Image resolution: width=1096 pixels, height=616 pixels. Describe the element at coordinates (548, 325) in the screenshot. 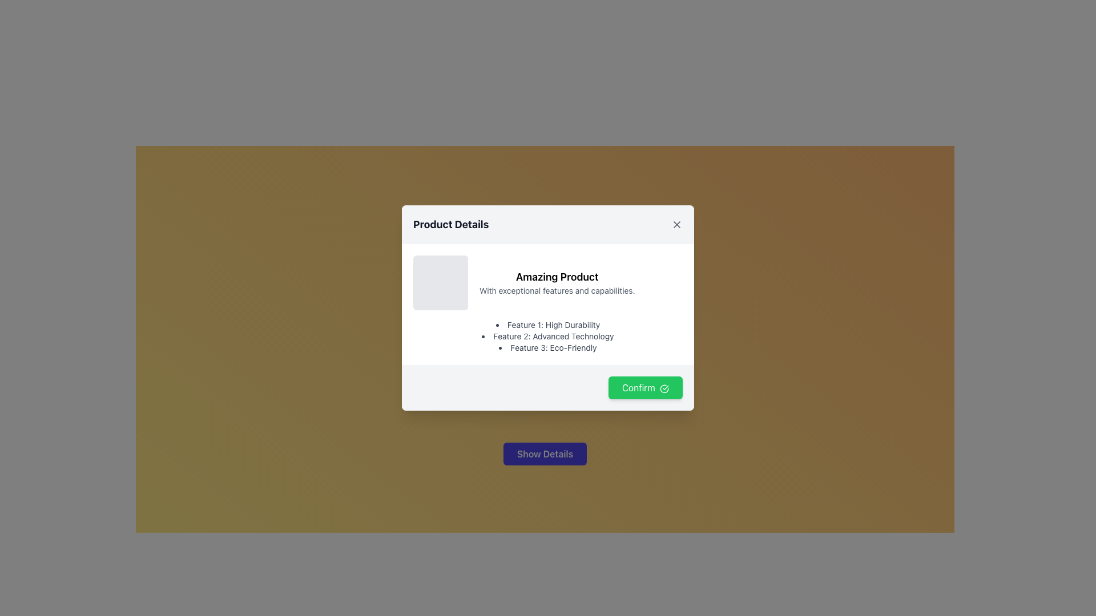

I see `the first text element in the bulleted list of product features, located just below the title 'Amazing Product' in the modal overlay` at that location.